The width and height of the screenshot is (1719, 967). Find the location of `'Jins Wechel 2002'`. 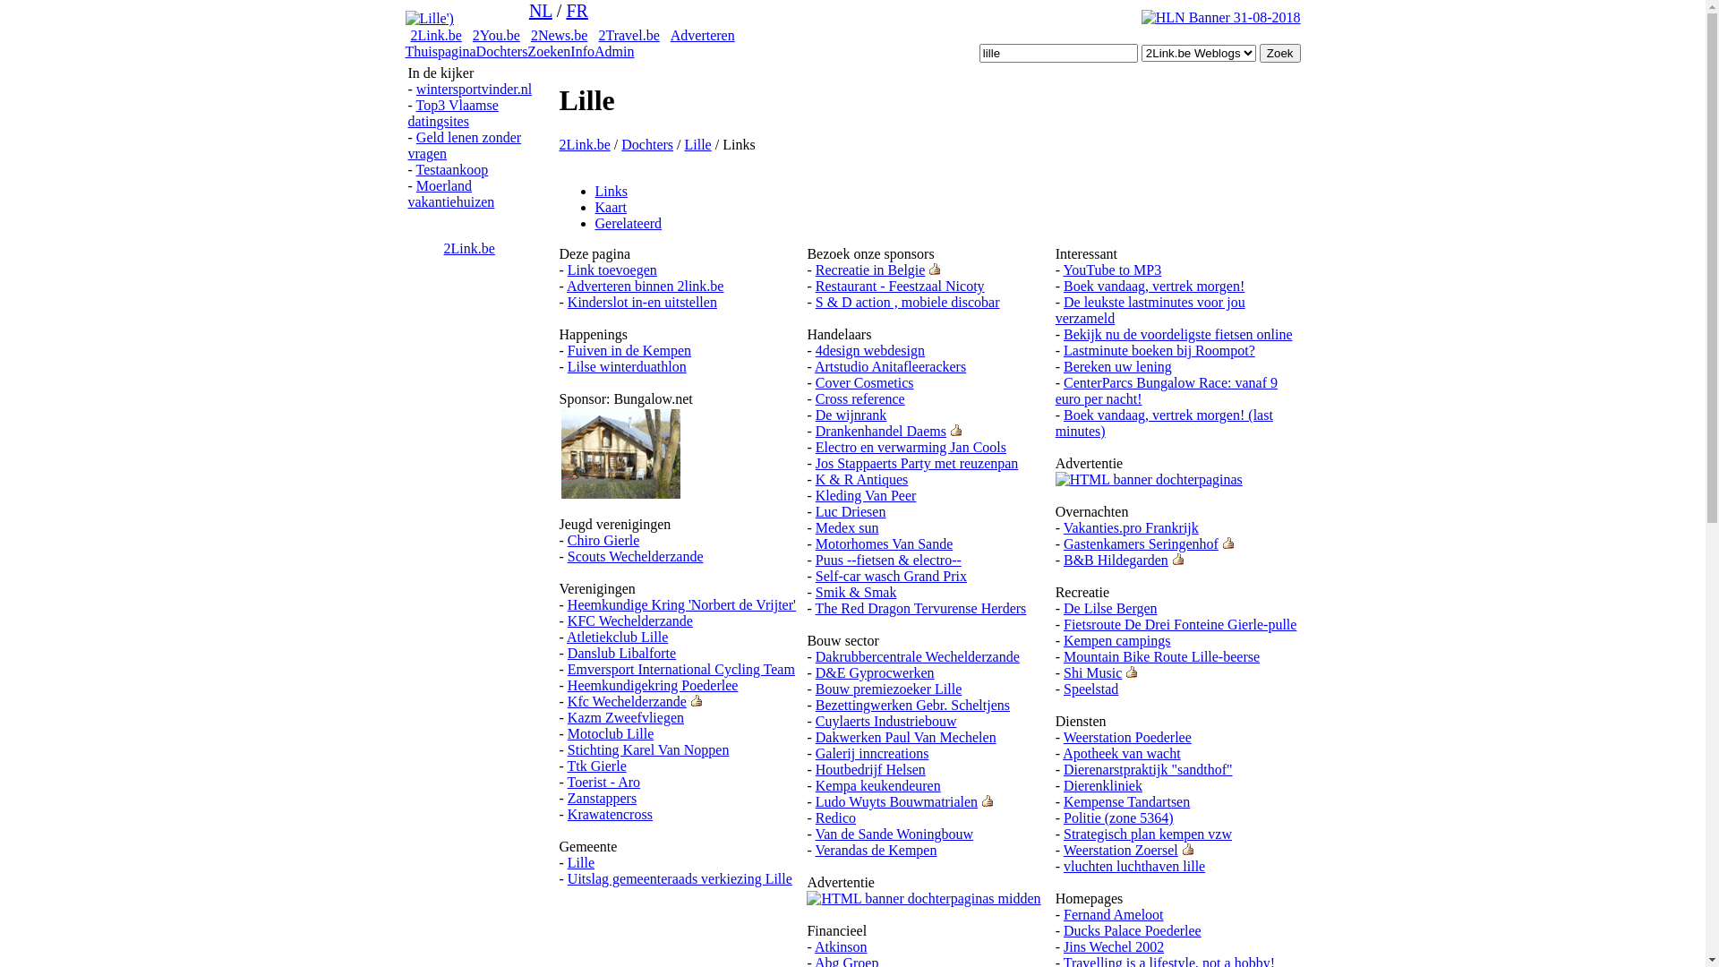

'Jins Wechel 2002' is located at coordinates (1112, 946).